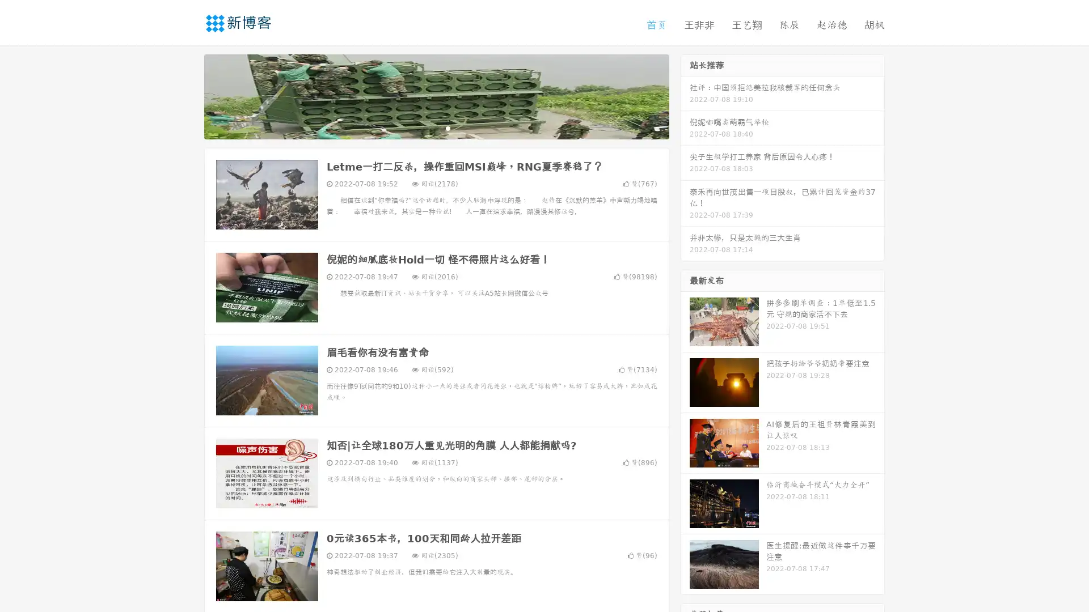 The width and height of the screenshot is (1089, 612). I want to click on Previous slide, so click(187, 95).